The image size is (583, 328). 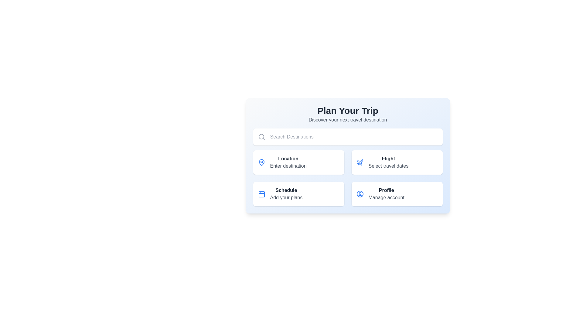 I want to click on the 'Flight' text label, so click(x=388, y=159).